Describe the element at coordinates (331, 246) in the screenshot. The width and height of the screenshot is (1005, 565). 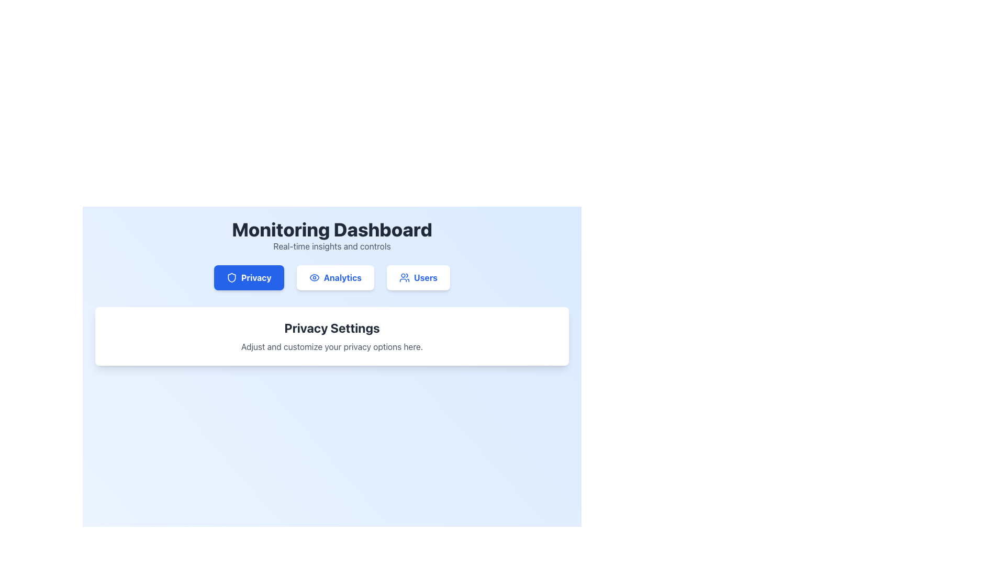
I see `the descriptive subtitle text label located beneath the main heading 'Monitoring Dashboard', which serves an informational purpose and is centrally aligned at the top of the interface` at that location.